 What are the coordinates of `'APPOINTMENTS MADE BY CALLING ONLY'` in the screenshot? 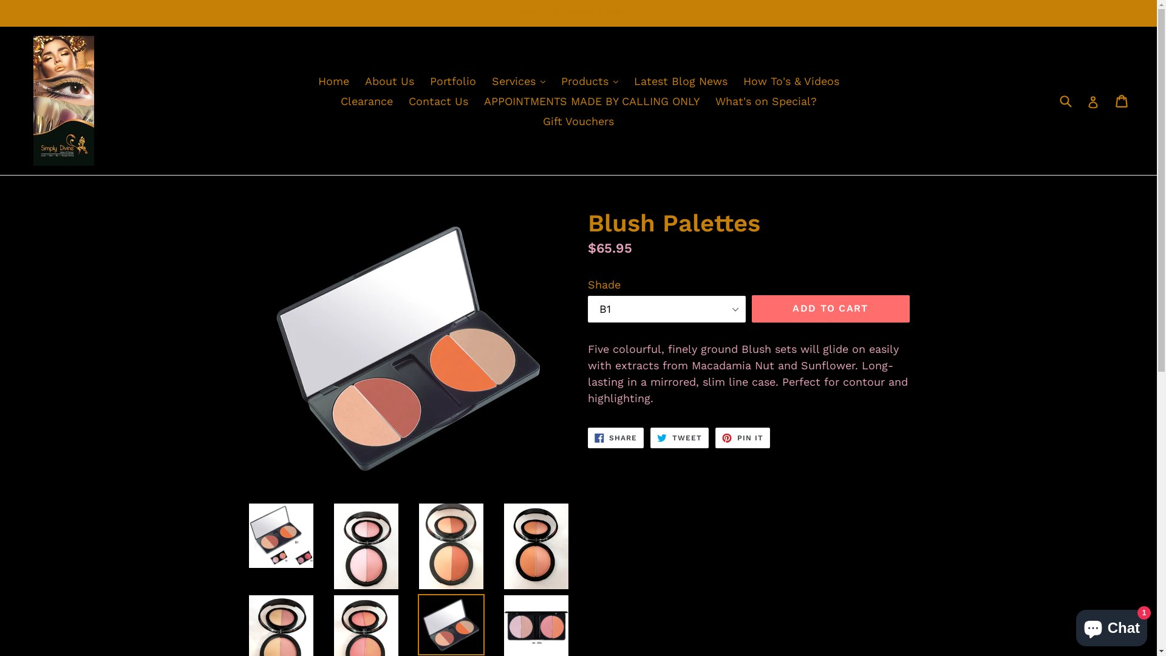 It's located at (591, 100).